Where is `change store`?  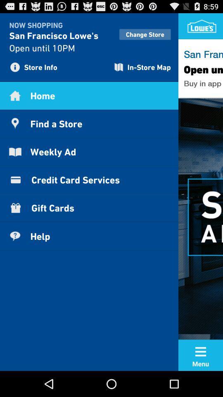
change store is located at coordinates (145, 34).